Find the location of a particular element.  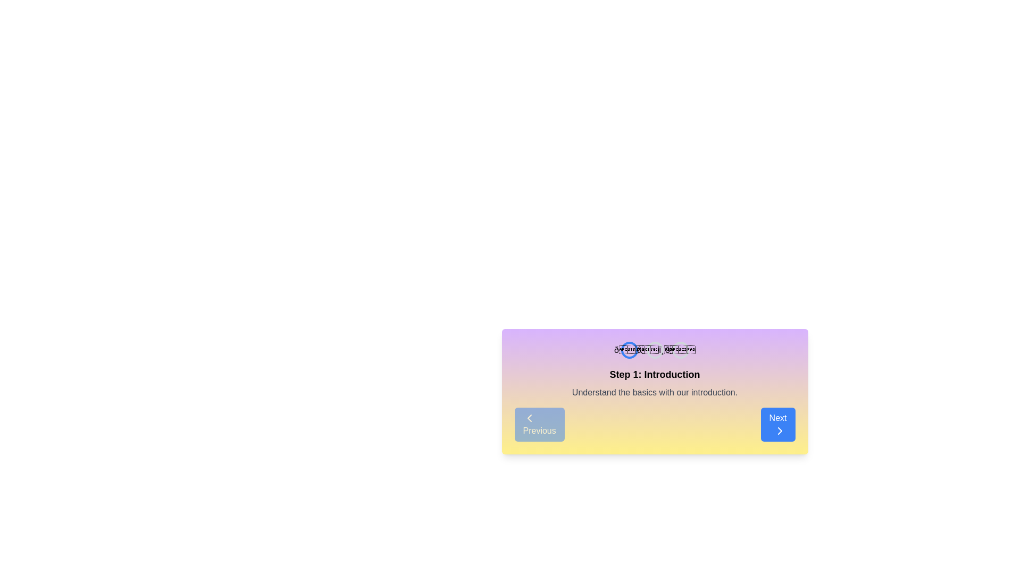

the right-pointing chevron icon within the 'Next' button, which is a white arrow on a blue rectangular button located at the bottom-right corner of the interface is located at coordinates (780, 430).